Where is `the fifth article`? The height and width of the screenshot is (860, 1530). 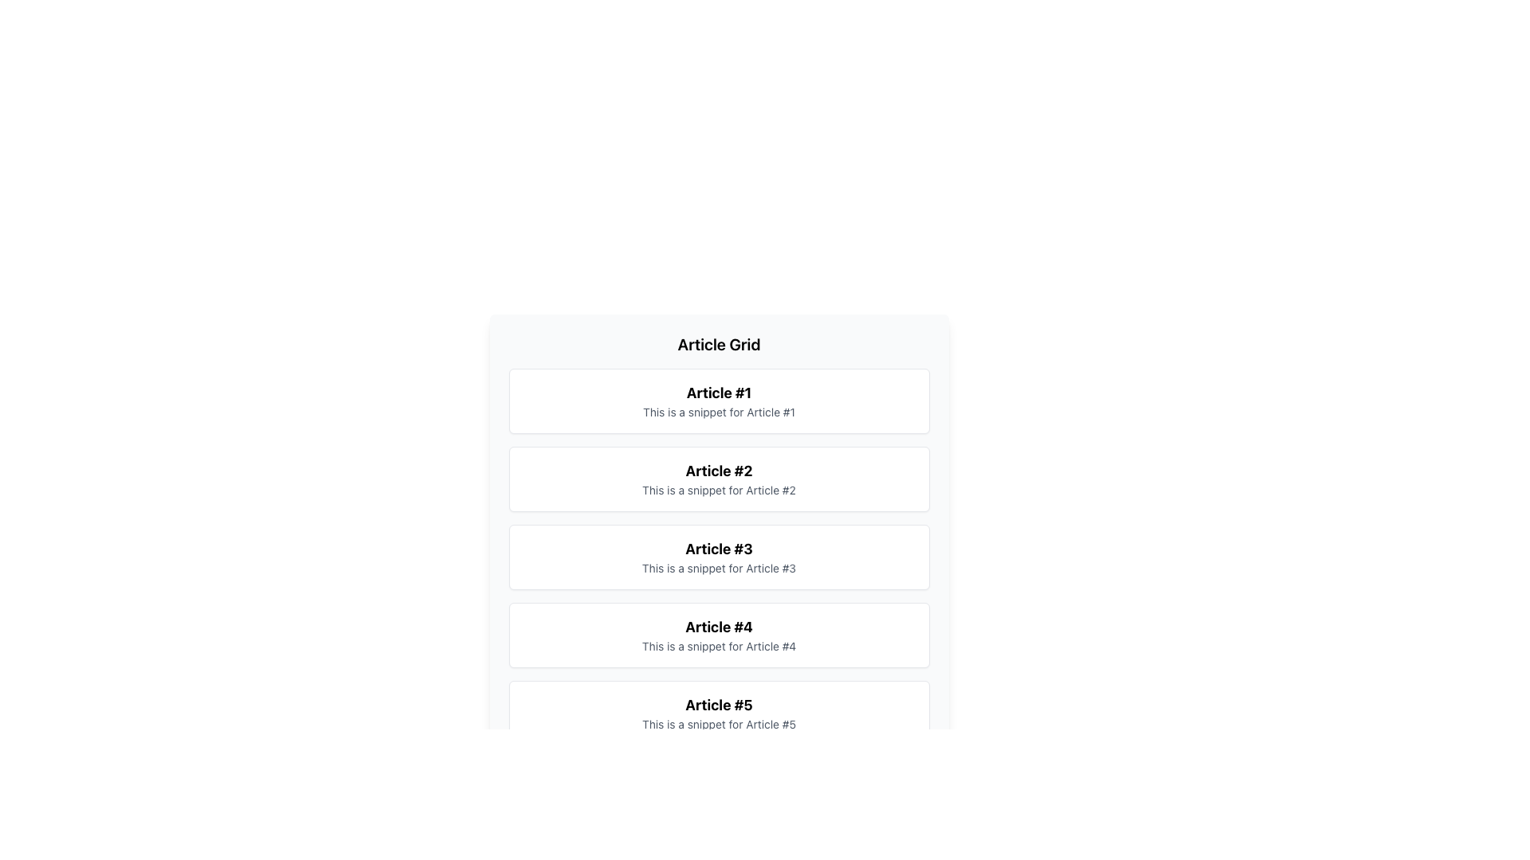
the fifth article is located at coordinates (718, 705).